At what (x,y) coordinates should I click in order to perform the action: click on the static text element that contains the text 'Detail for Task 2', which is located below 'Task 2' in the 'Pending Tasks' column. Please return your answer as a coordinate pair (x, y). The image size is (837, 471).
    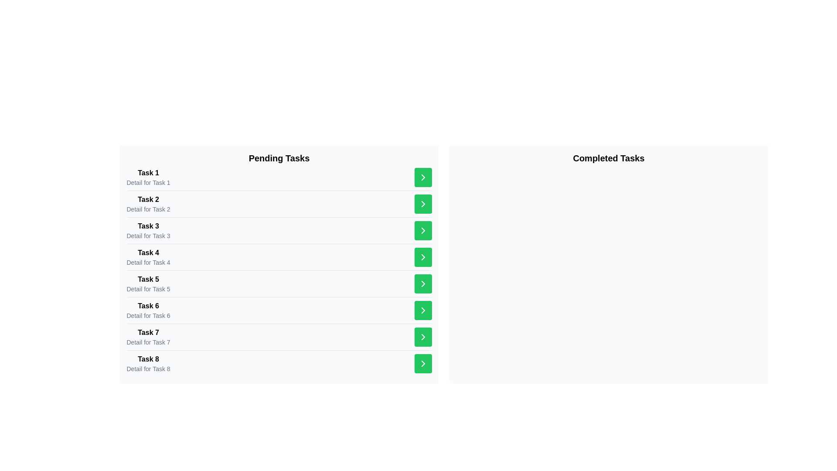
    Looking at the image, I should click on (148, 209).